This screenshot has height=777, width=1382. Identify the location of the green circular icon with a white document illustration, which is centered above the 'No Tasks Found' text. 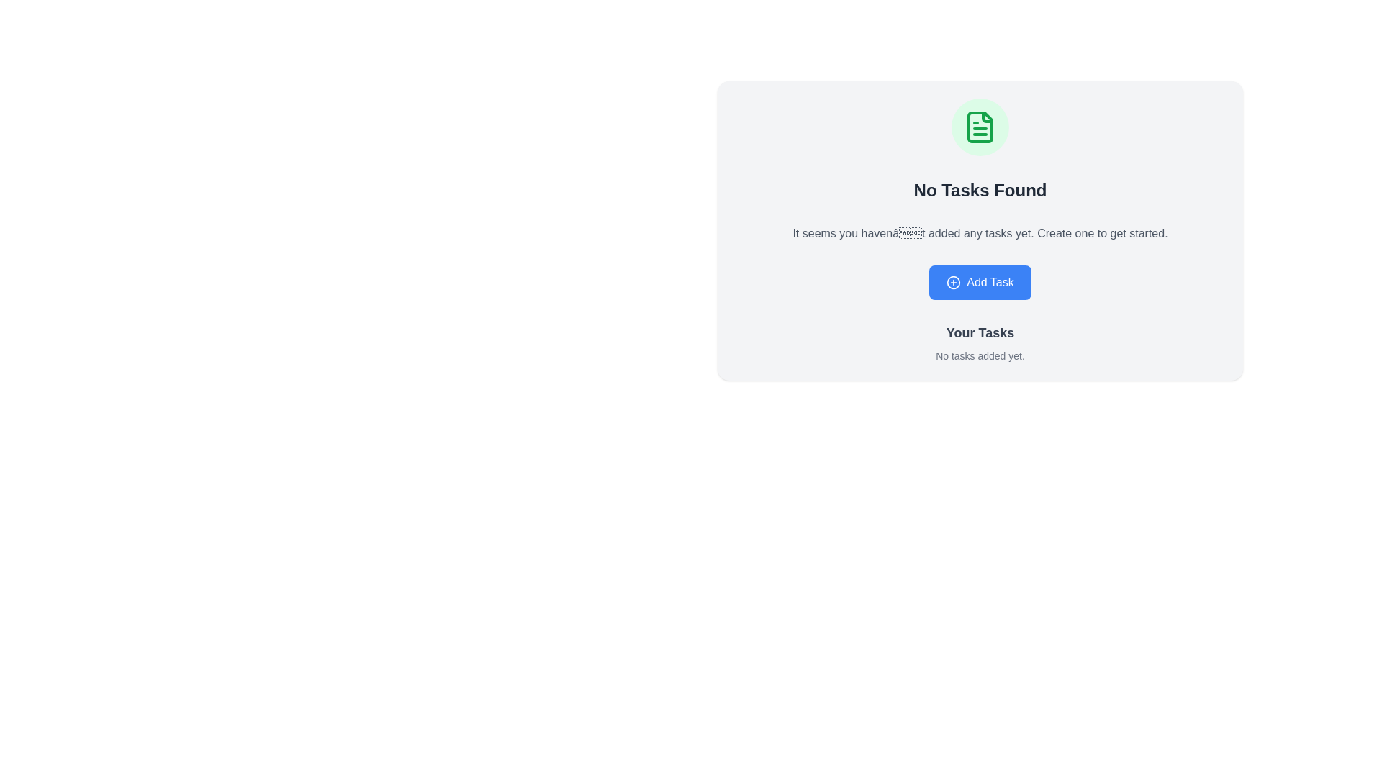
(980, 127).